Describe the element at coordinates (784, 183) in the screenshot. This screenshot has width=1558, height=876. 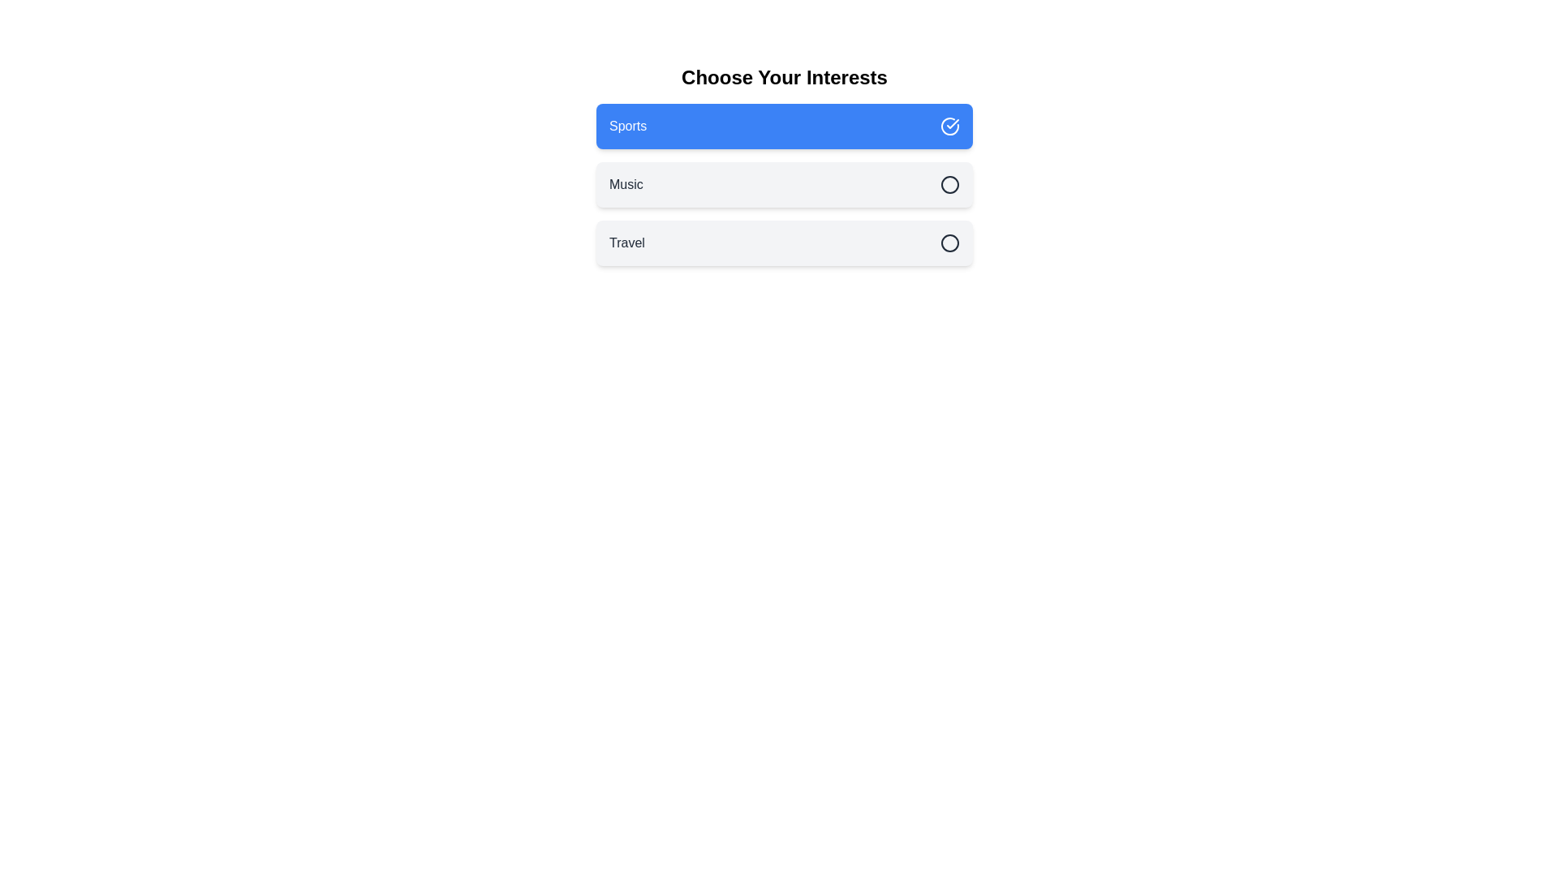
I see `the chip labeled Music` at that location.